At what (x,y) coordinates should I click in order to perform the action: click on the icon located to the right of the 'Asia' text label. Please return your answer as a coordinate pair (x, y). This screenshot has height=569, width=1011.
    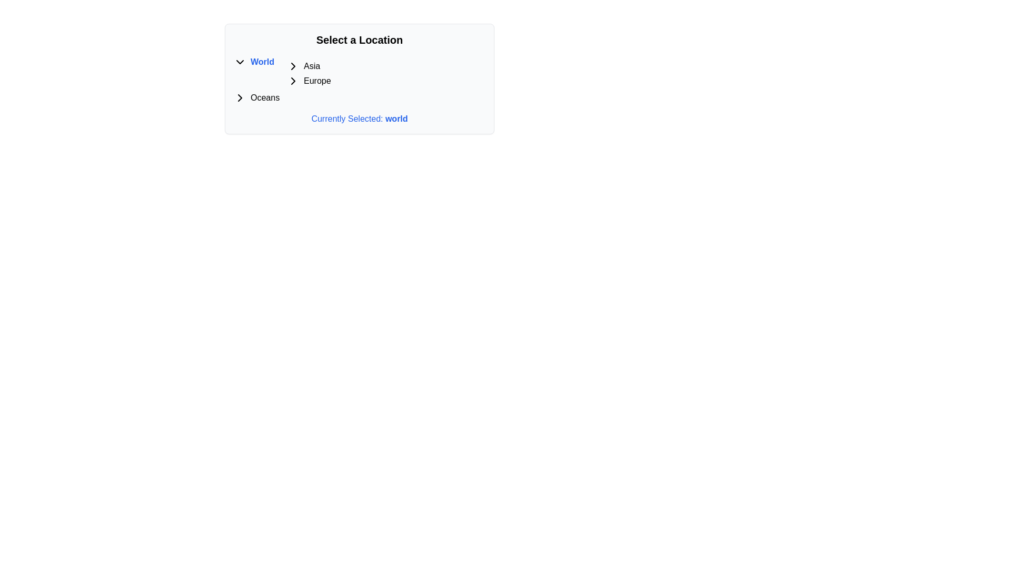
    Looking at the image, I should click on (293, 66).